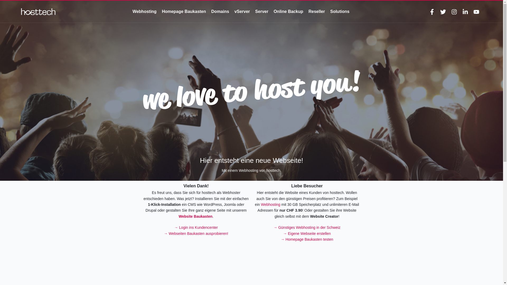  I want to click on 'Domains', so click(220, 11).